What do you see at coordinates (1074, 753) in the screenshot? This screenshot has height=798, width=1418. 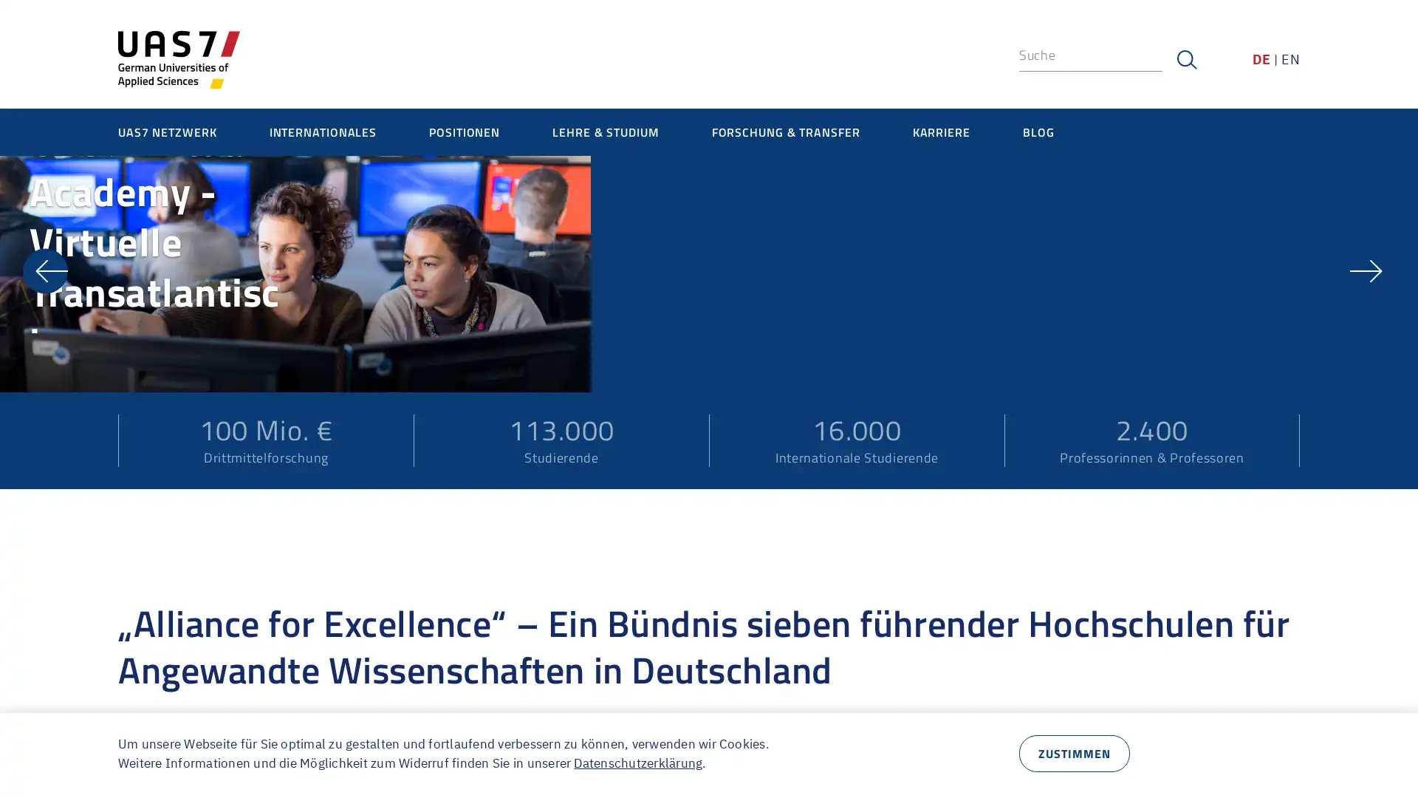 I see `ZUSTIMMEN` at bounding box center [1074, 753].